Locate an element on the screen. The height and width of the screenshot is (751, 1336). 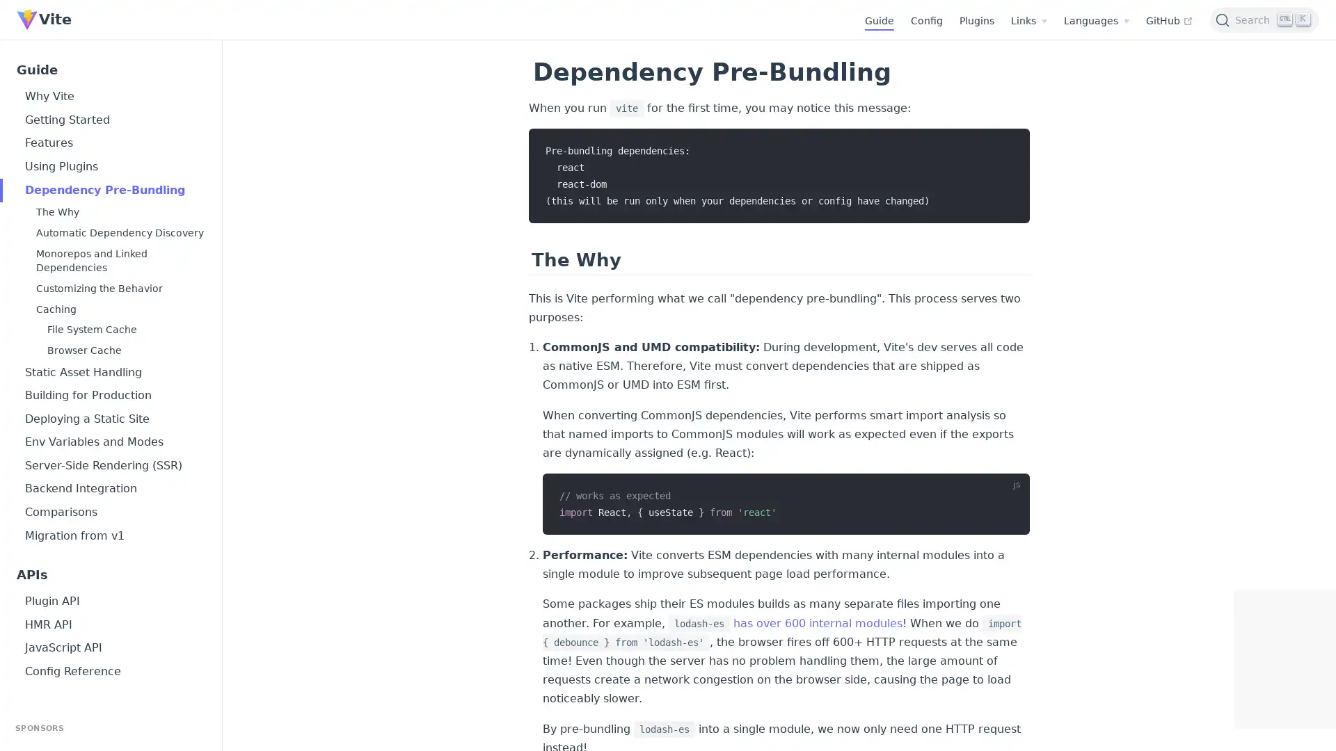
Languages is located at coordinates (1095, 21).